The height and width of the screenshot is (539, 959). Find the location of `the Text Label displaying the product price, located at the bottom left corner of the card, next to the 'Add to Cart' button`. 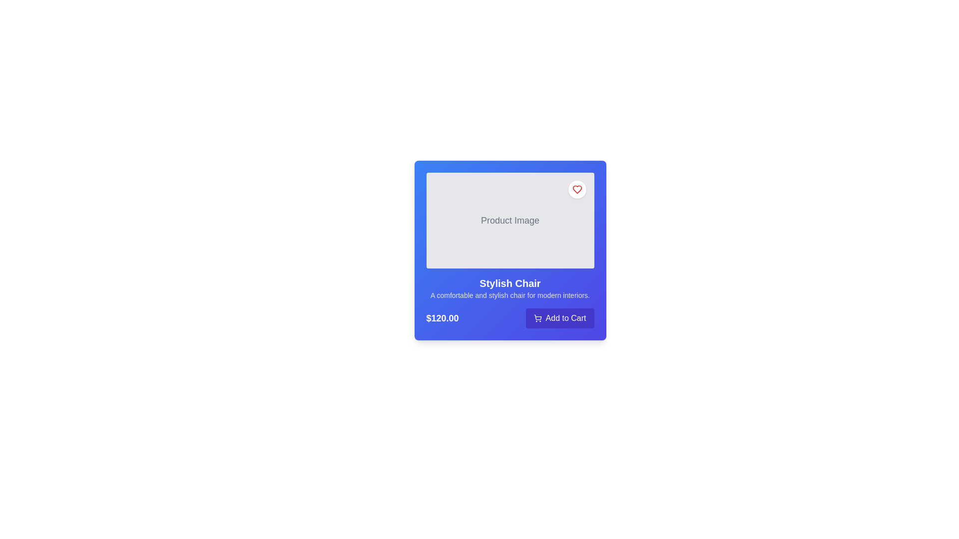

the Text Label displaying the product price, located at the bottom left corner of the card, next to the 'Add to Cart' button is located at coordinates (442, 318).